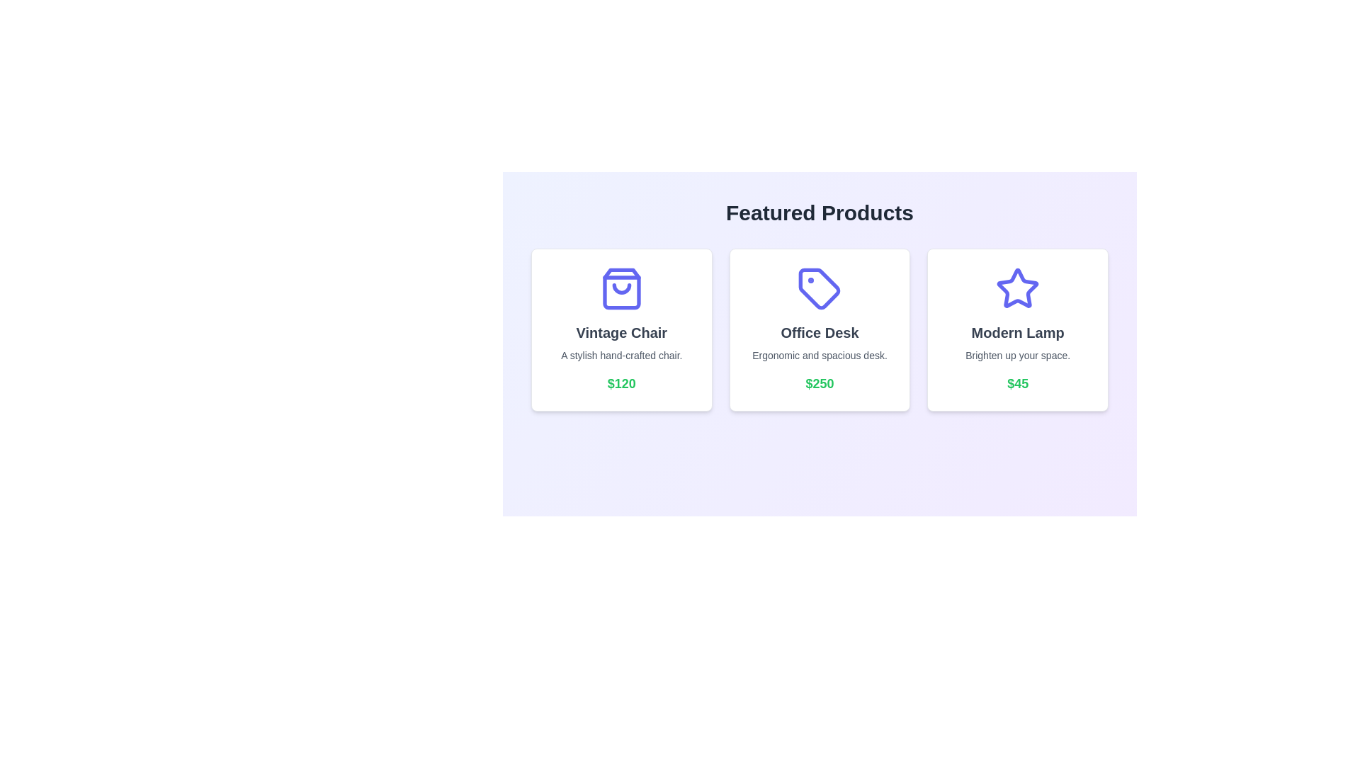  What do you see at coordinates (820, 212) in the screenshot?
I see `the heading text that indicates the section's content for products to check for cursor changes` at bounding box center [820, 212].